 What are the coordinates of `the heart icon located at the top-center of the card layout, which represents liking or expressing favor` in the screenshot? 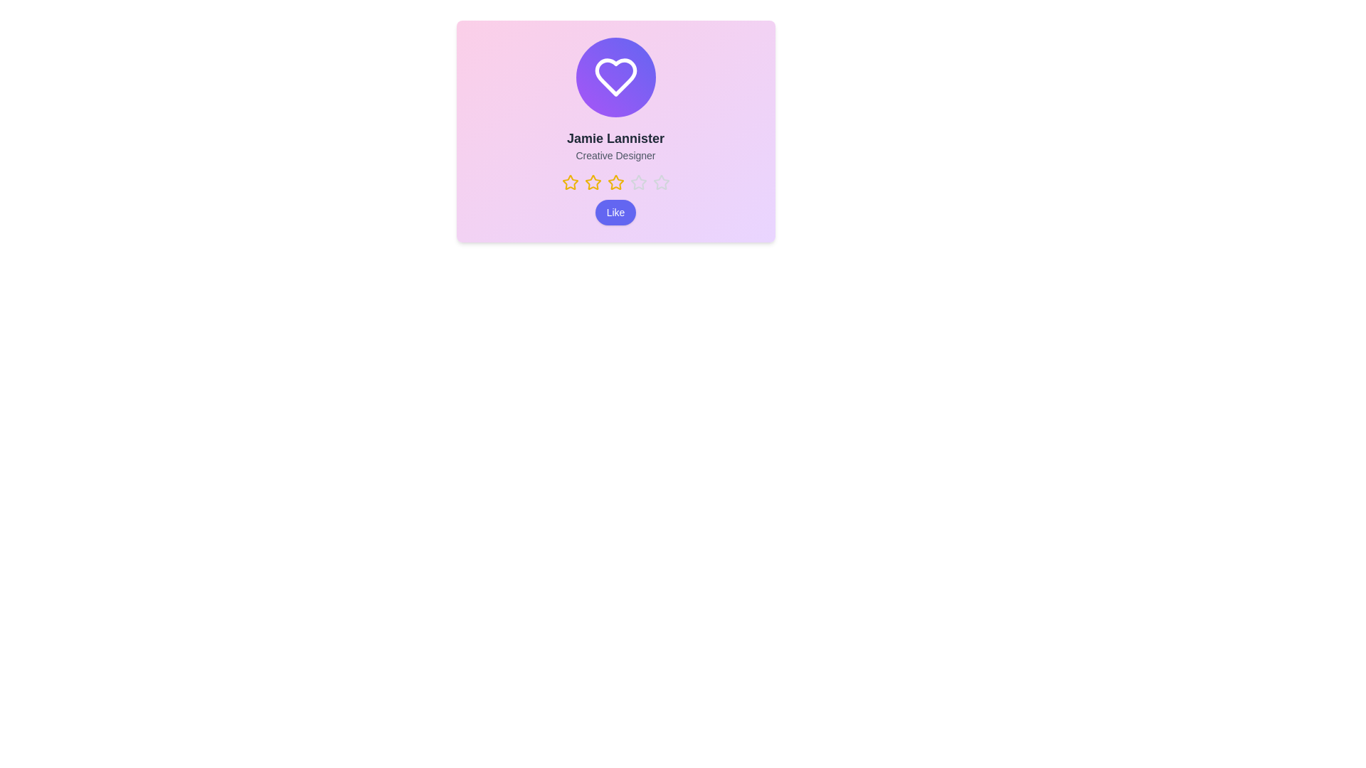 It's located at (615, 77).